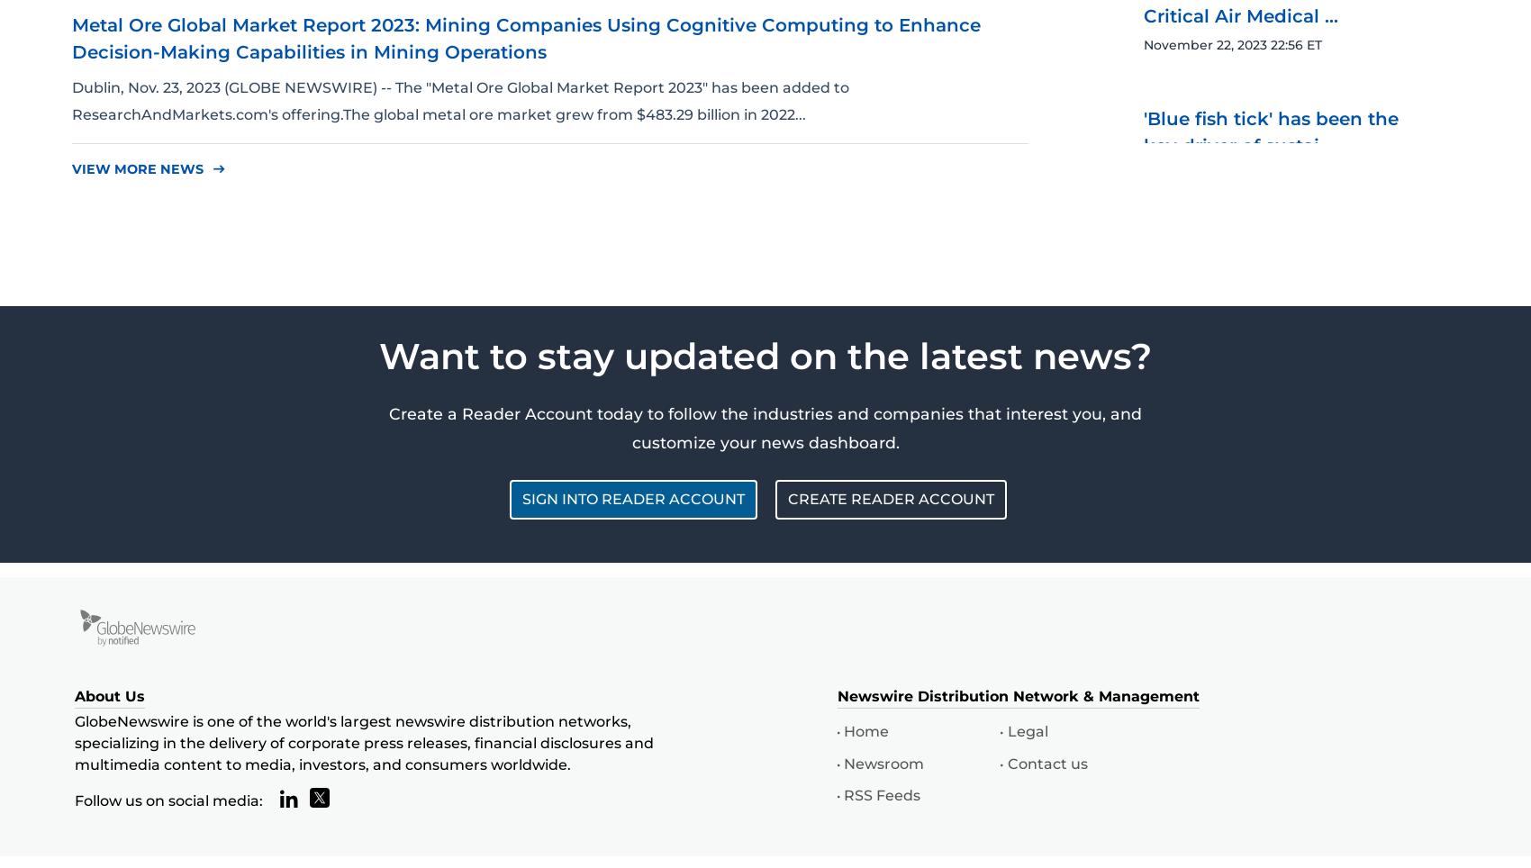  I want to click on 'RSS Feeds', so click(881, 794).